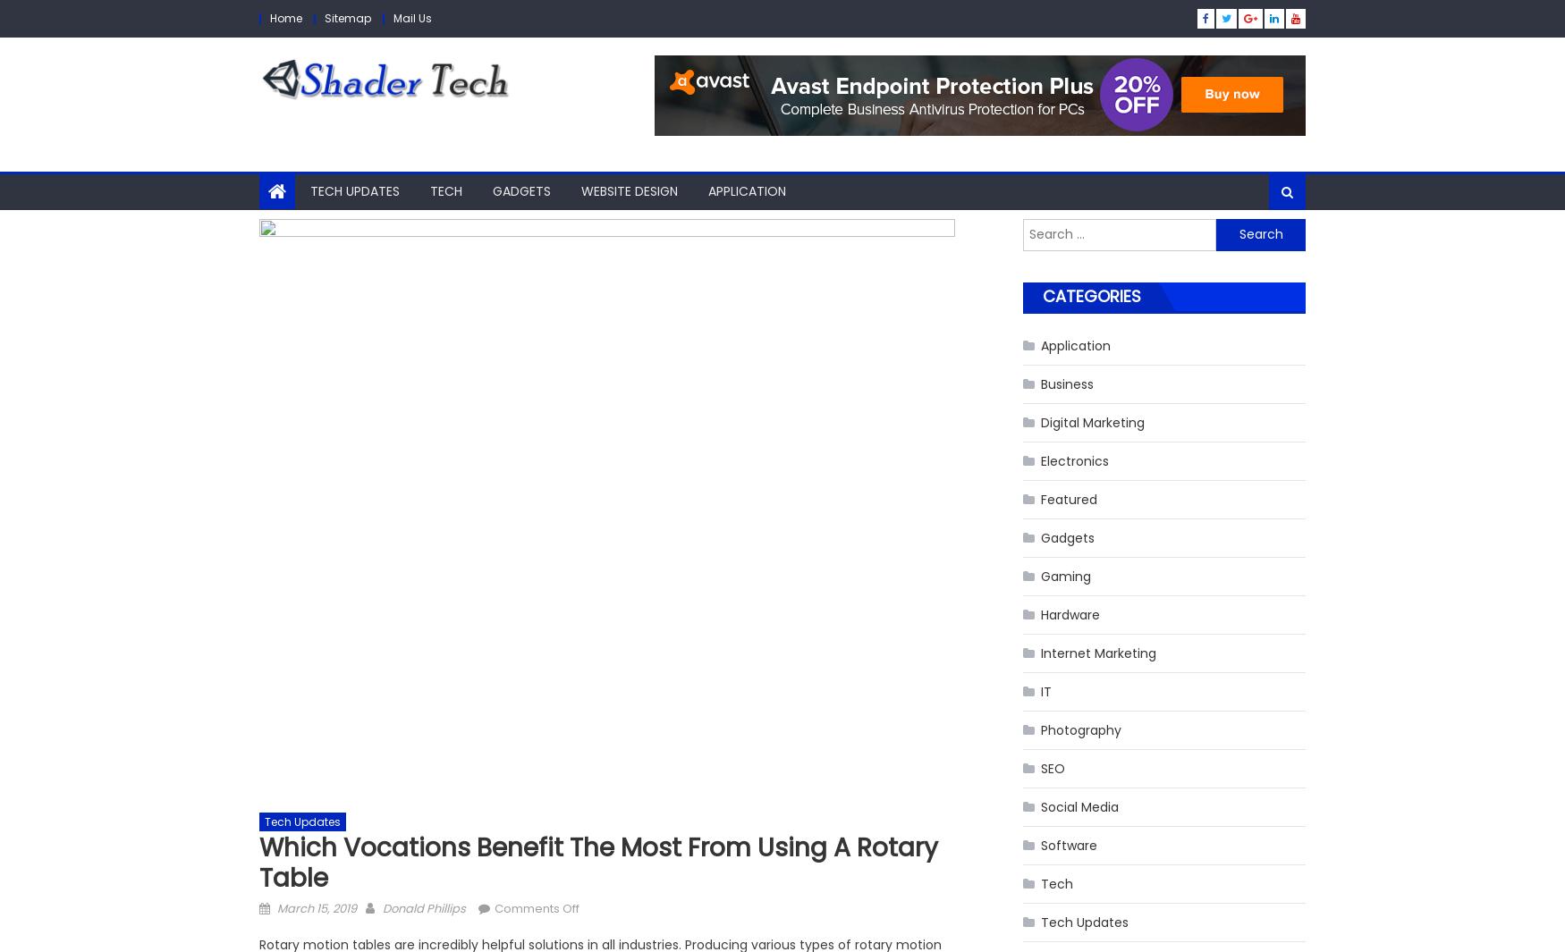 The image size is (1565, 952). What do you see at coordinates (1065, 576) in the screenshot?
I see `'Gaming'` at bounding box center [1065, 576].